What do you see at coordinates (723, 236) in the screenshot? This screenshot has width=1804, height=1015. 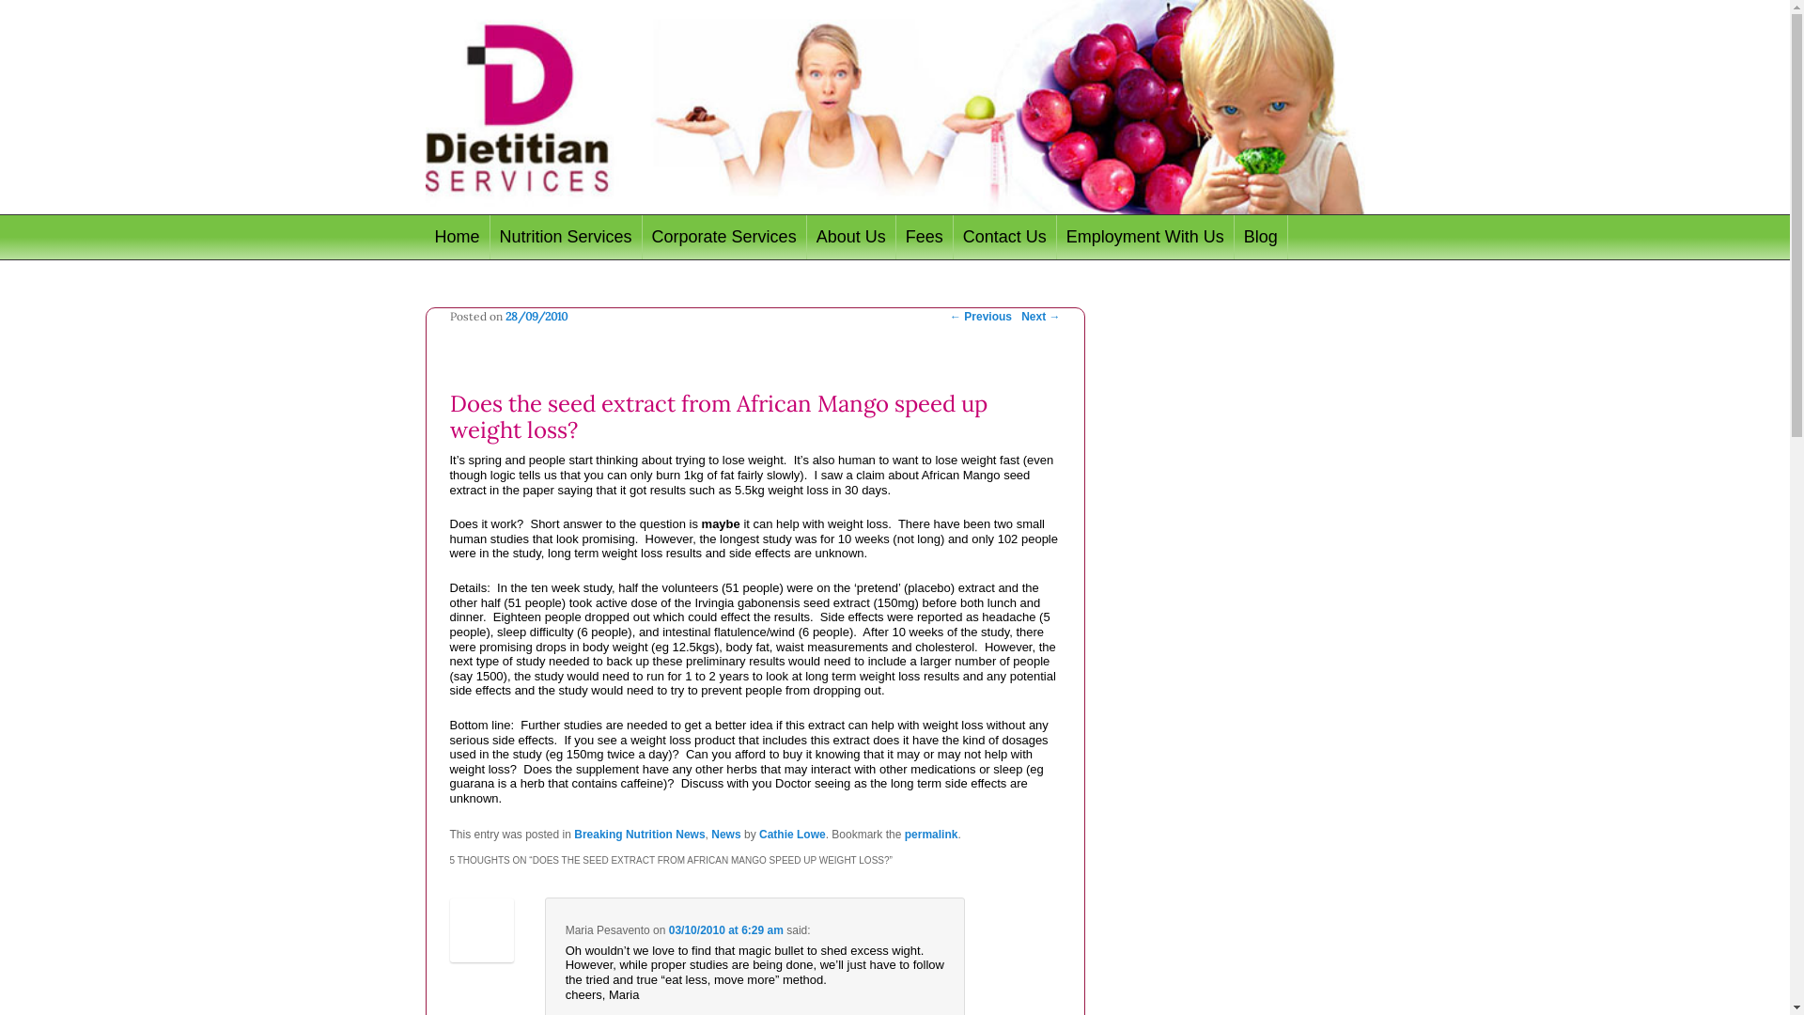 I see `'Corporate Services'` at bounding box center [723, 236].